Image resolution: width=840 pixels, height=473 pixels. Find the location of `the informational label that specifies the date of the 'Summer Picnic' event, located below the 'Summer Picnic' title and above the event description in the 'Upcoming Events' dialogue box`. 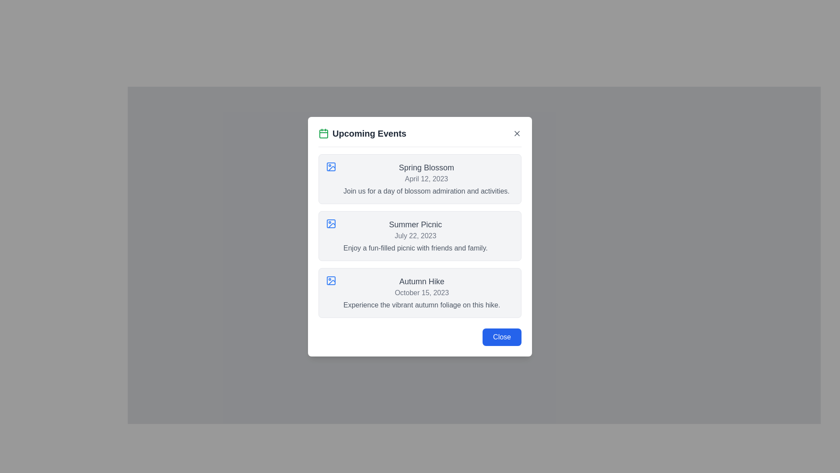

the informational label that specifies the date of the 'Summer Picnic' event, located below the 'Summer Picnic' title and above the event description in the 'Upcoming Events' dialogue box is located at coordinates (415, 235).